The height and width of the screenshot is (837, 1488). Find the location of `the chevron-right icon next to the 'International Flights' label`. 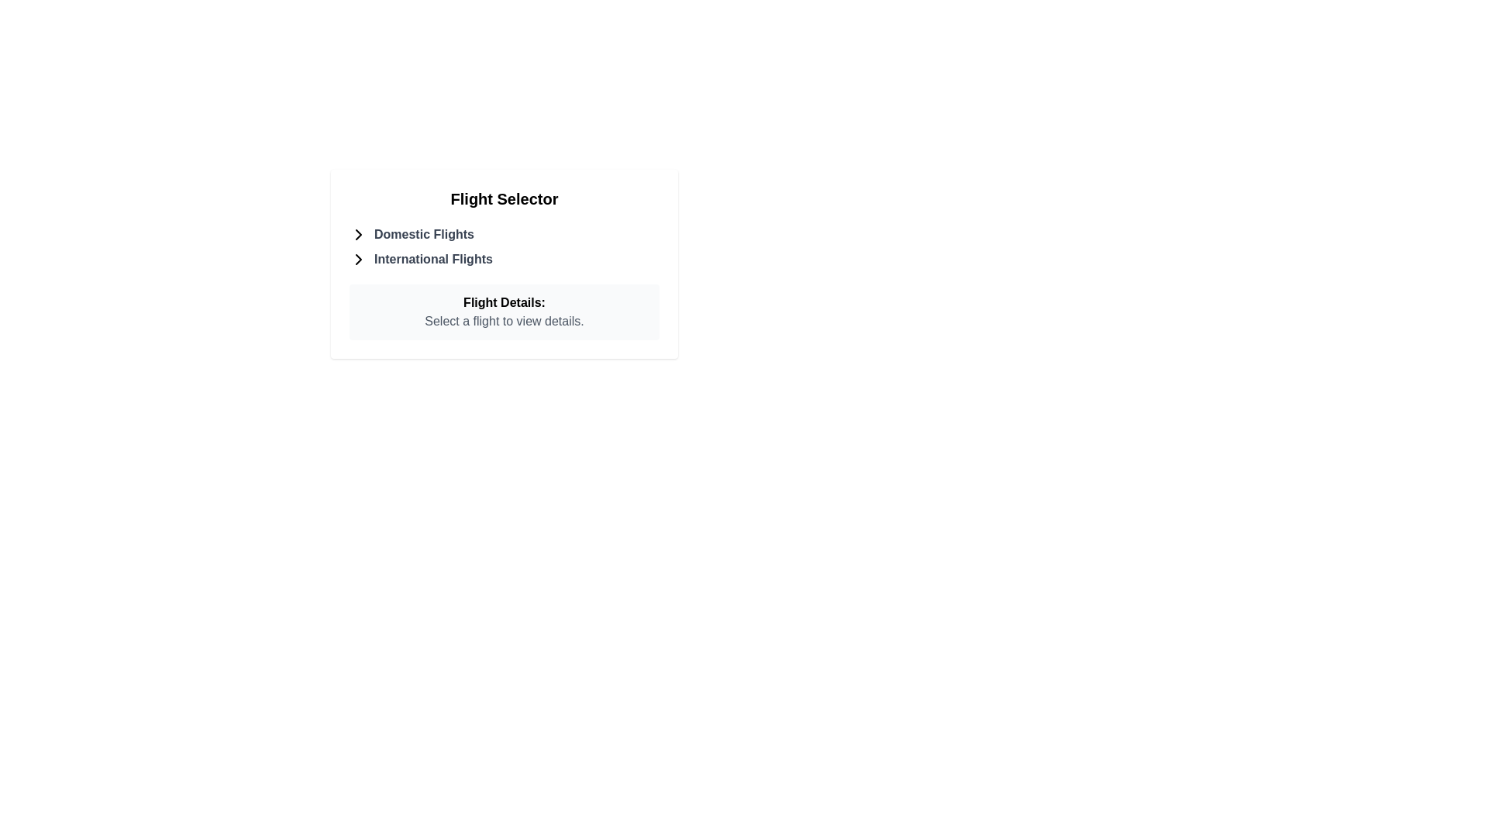

the chevron-right icon next to the 'International Flights' label is located at coordinates (357, 259).